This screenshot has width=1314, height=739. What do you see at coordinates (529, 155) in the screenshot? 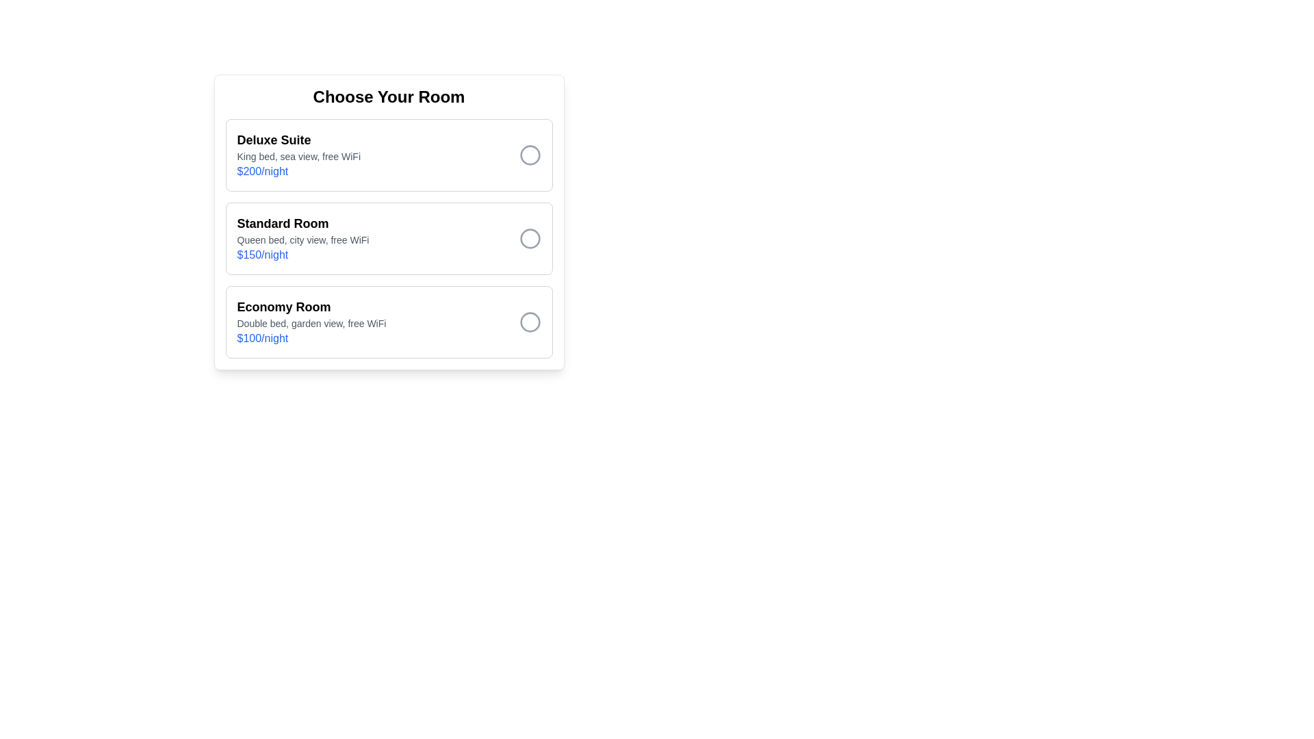
I see `the circular radio button with a light gray border located on the right side of the 'Deluxe Suite' card in the 'Choose Your Room' section` at bounding box center [529, 155].